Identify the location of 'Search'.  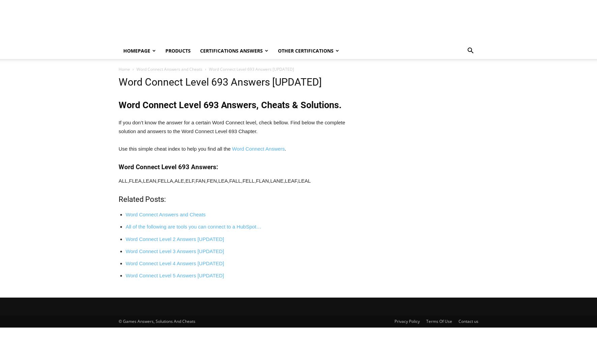
(298, 34).